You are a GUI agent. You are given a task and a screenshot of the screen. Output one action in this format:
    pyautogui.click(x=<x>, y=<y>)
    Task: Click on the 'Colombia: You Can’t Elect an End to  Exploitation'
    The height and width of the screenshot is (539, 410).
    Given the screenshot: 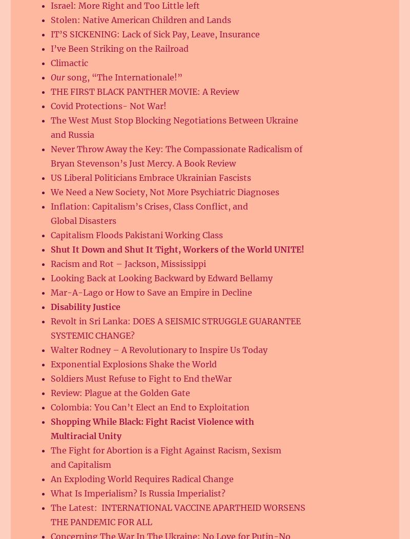 What is the action you would take?
    pyautogui.click(x=153, y=407)
    